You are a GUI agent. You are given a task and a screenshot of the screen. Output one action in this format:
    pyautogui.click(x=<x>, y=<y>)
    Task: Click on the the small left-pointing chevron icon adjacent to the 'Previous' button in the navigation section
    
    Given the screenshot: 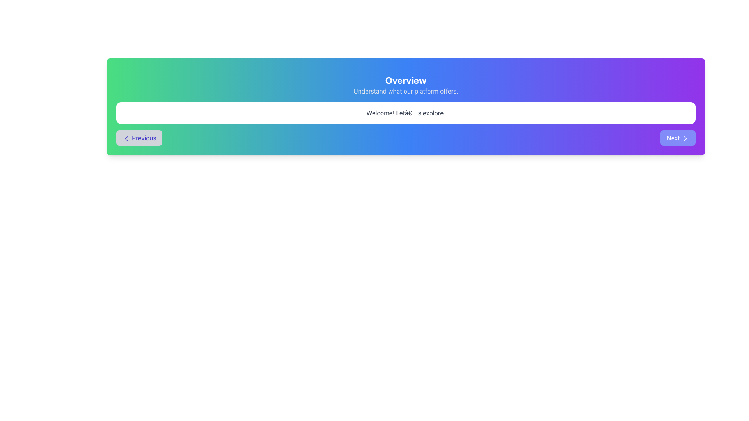 What is the action you would take?
    pyautogui.click(x=126, y=138)
    